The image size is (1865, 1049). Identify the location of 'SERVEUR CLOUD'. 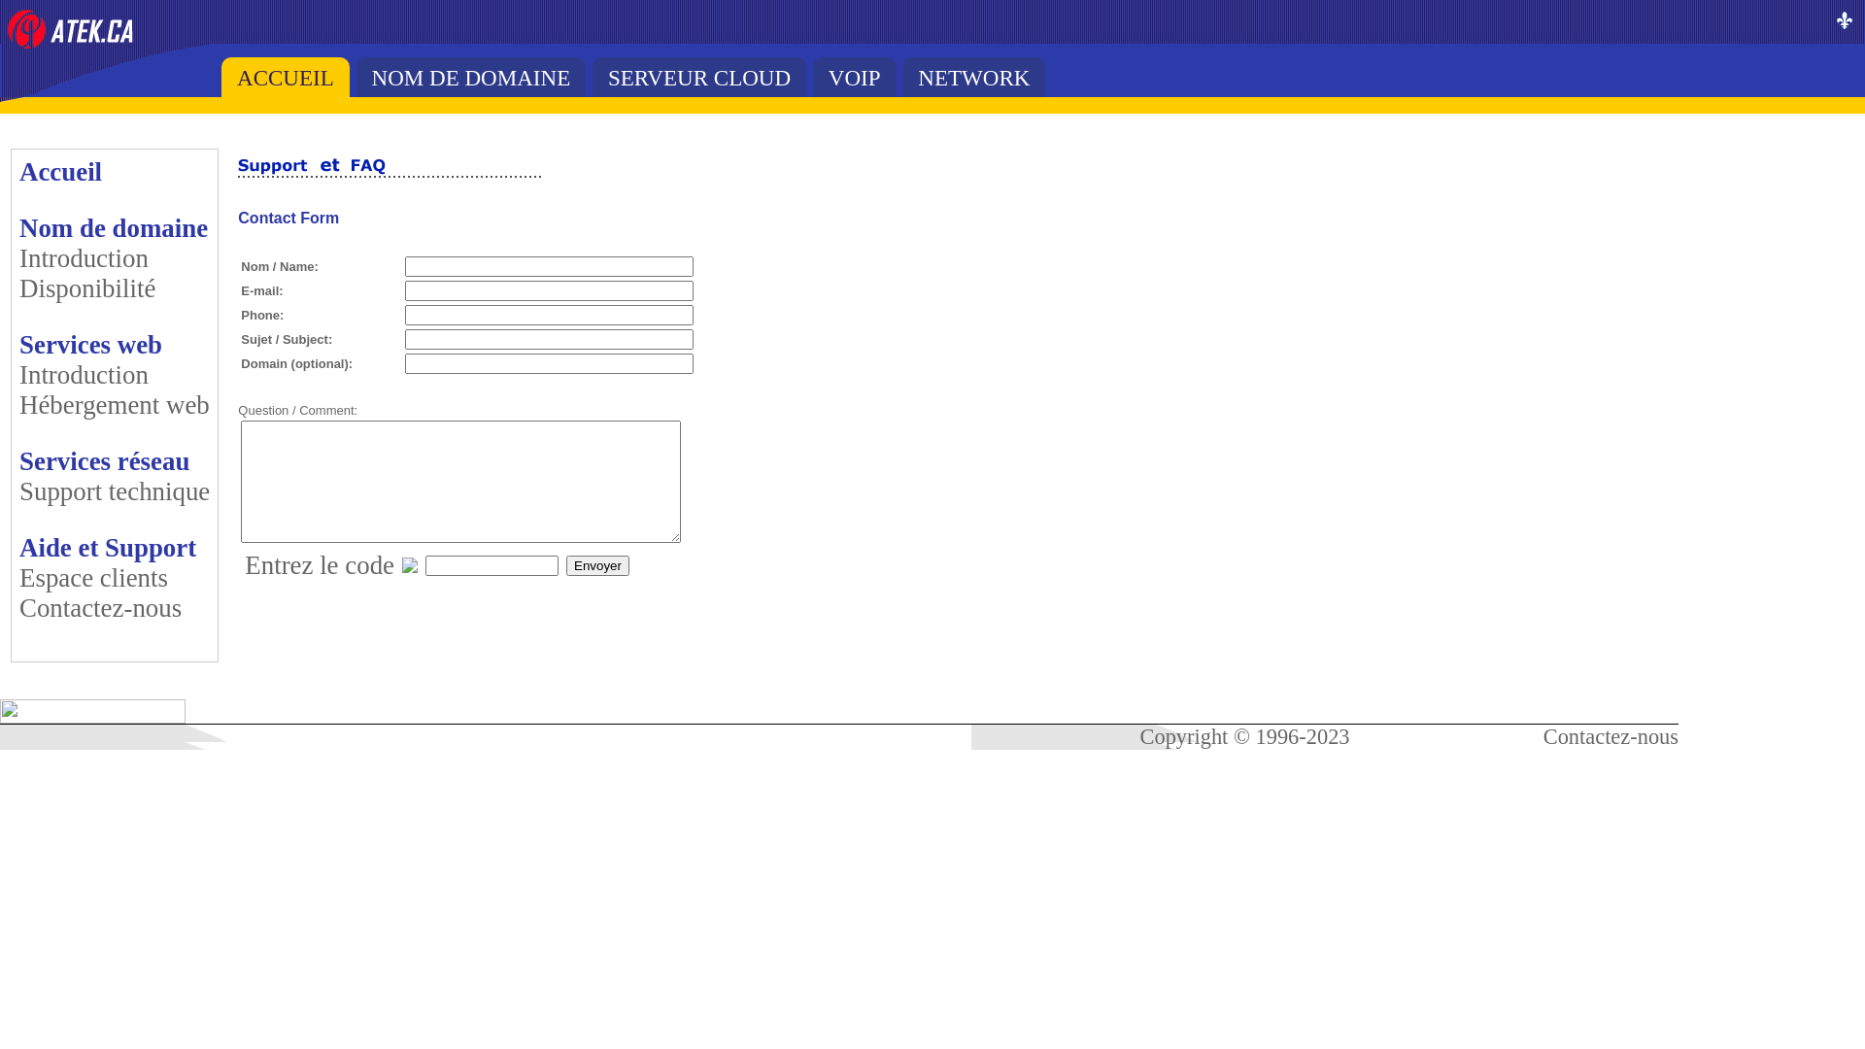
(699, 76).